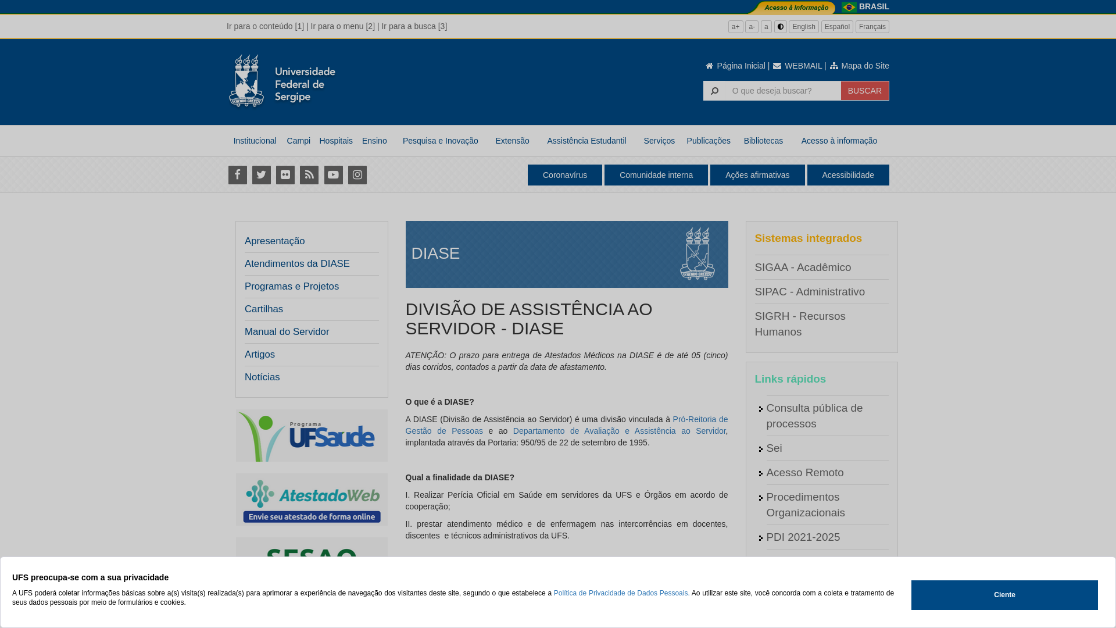 The height and width of the screenshot is (628, 1116). What do you see at coordinates (799, 323) in the screenshot?
I see `'SIGRH - Recursos Humanos'` at bounding box center [799, 323].